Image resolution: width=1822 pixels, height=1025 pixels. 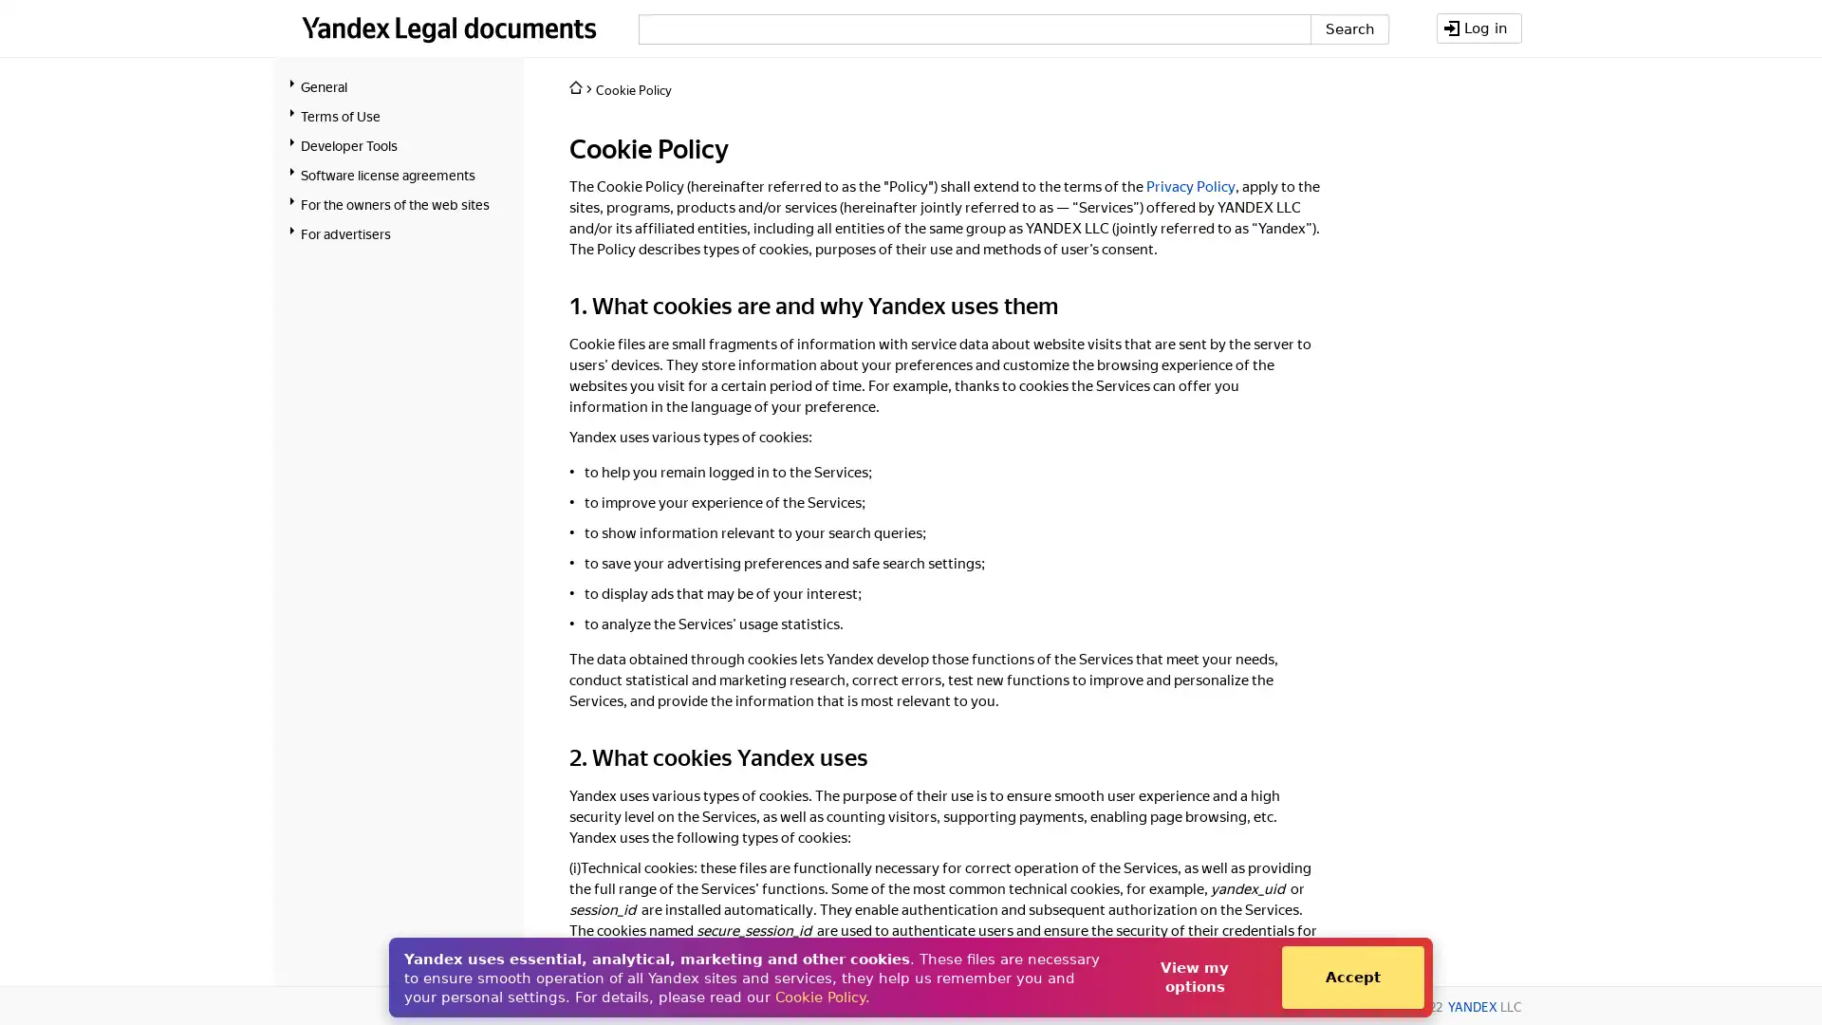 What do you see at coordinates (398, 143) in the screenshot?
I see `Developer Tools` at bounding box center [398, 143].